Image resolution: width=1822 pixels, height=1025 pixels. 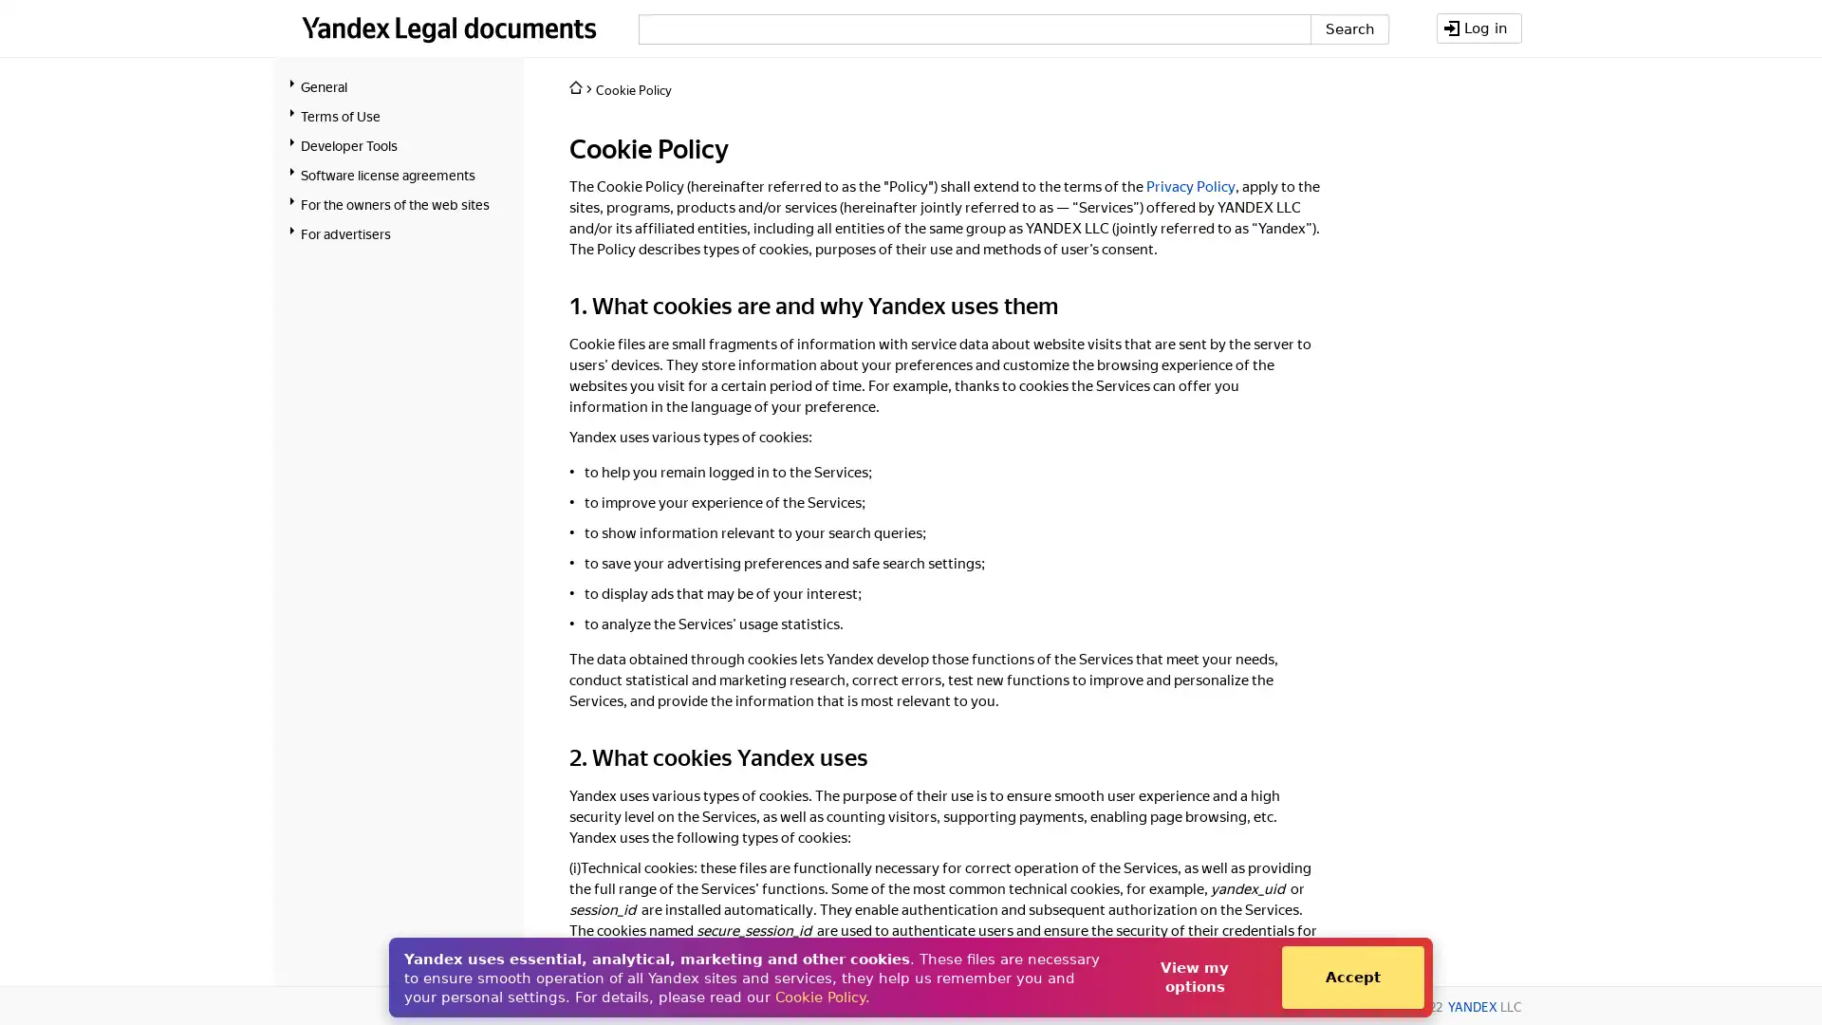 What do you see at coordinates (398, 143) in the screenshot?
I see `Developer Tools` at bounding box center [398, 143].